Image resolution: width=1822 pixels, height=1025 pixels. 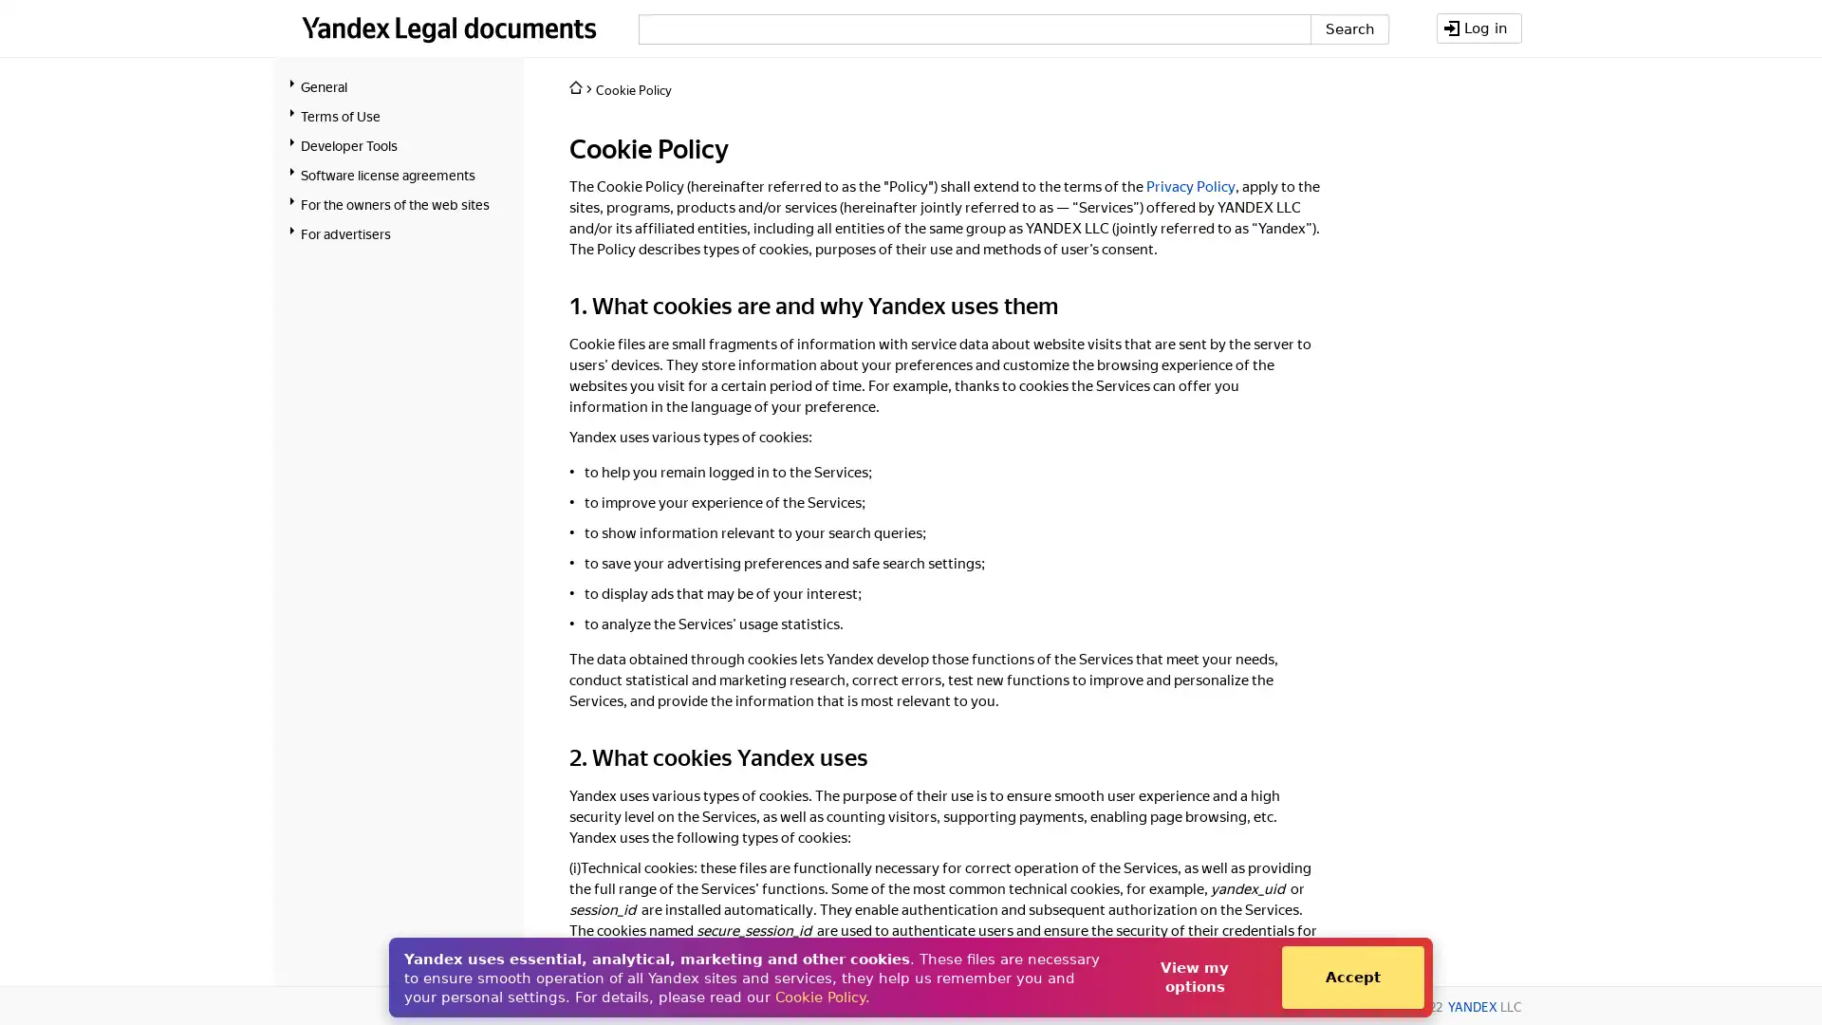 What do you see at coordinates (398, 143) in the screenshot?
I see `Developer Tools` at bounding box center [398, 143].